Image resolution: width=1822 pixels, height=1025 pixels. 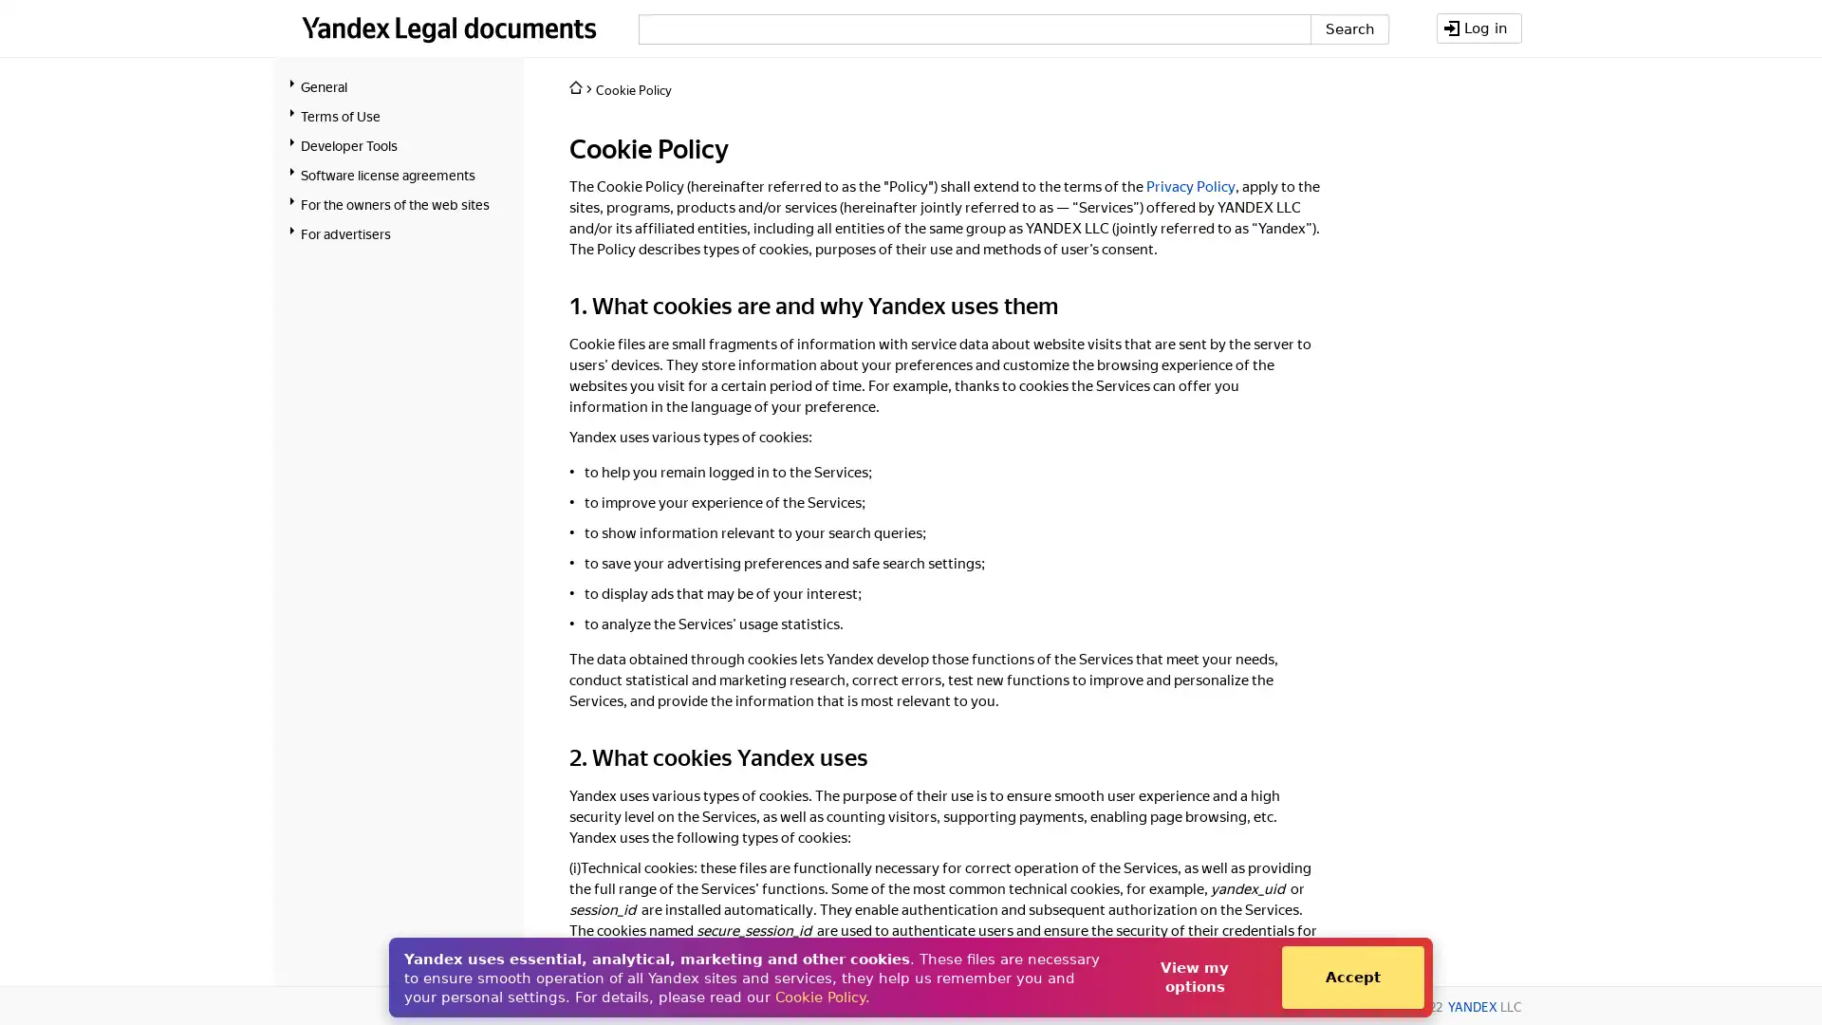 What do you see at coordinates (398, 143) in the screenshot?
I see `Developer Tools` at bounding box center [398, 143].